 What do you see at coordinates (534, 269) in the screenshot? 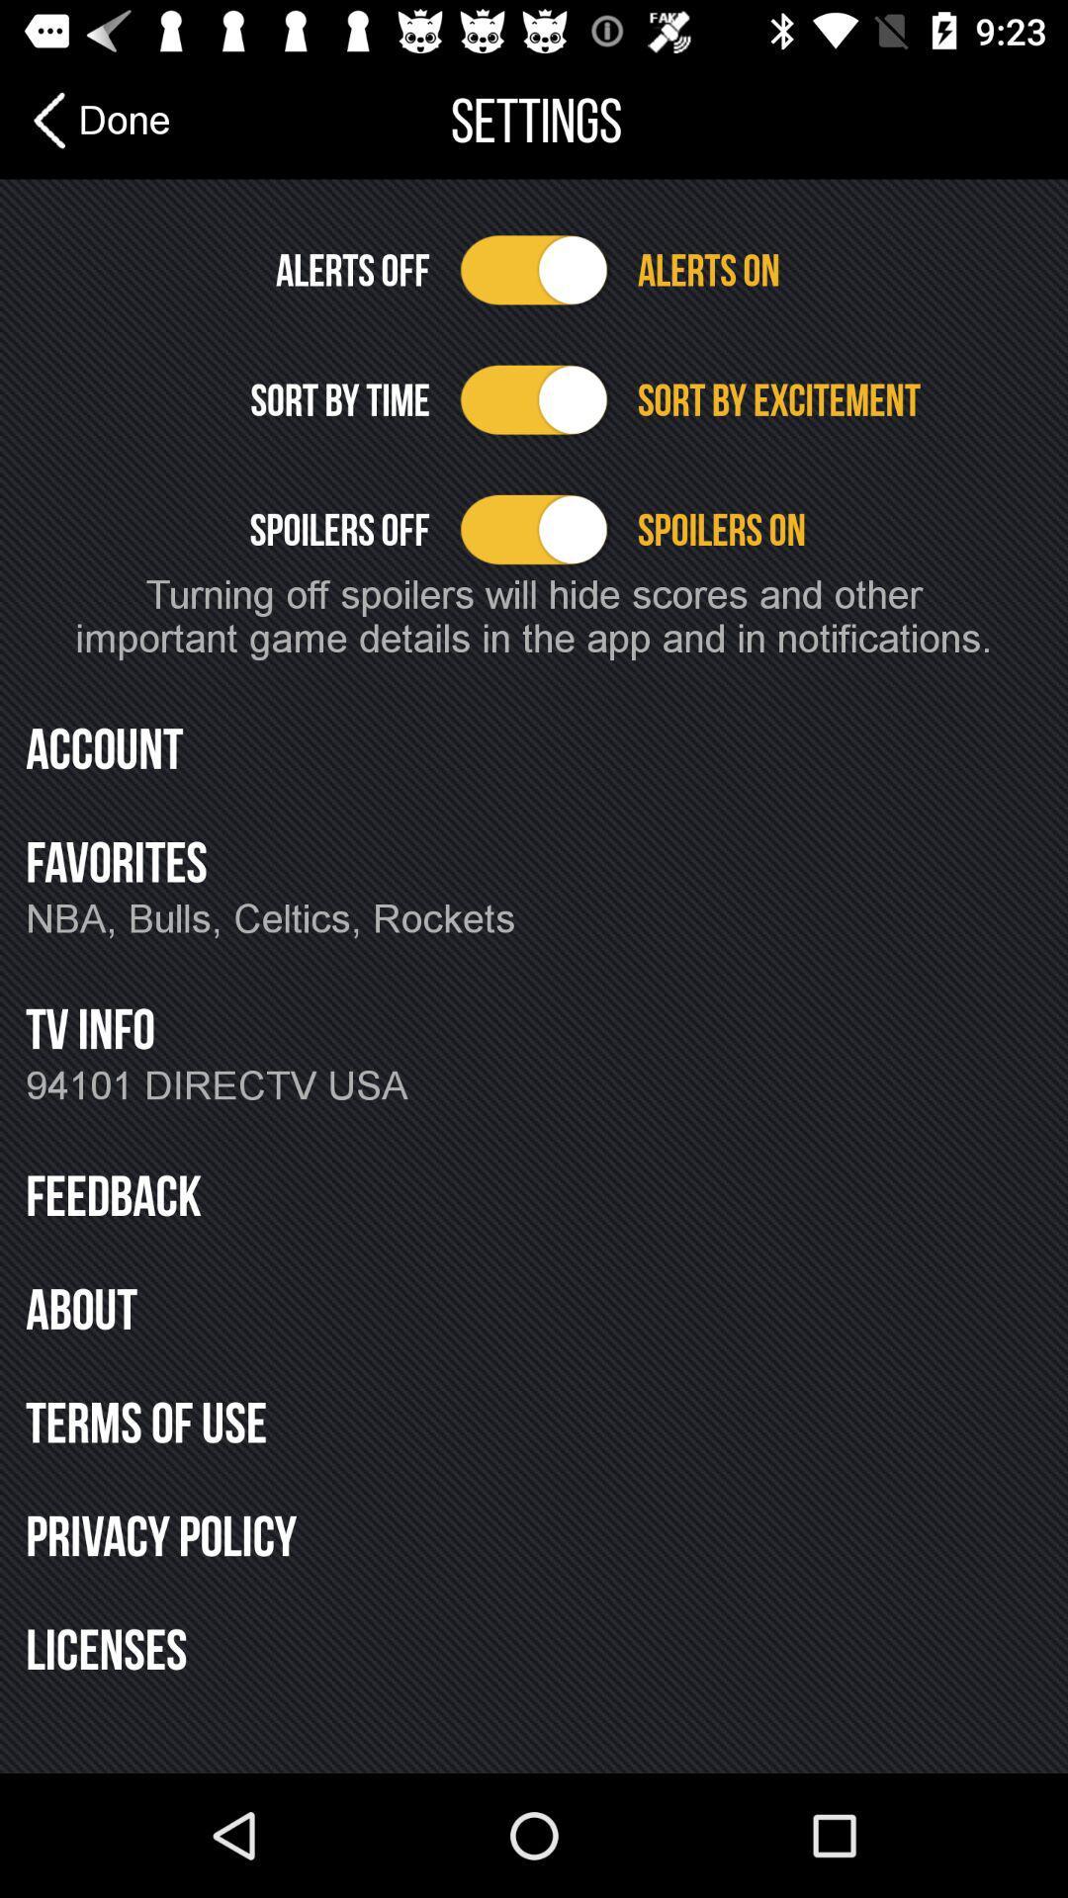
I see `alerts option` at bounding box center [534, 269].